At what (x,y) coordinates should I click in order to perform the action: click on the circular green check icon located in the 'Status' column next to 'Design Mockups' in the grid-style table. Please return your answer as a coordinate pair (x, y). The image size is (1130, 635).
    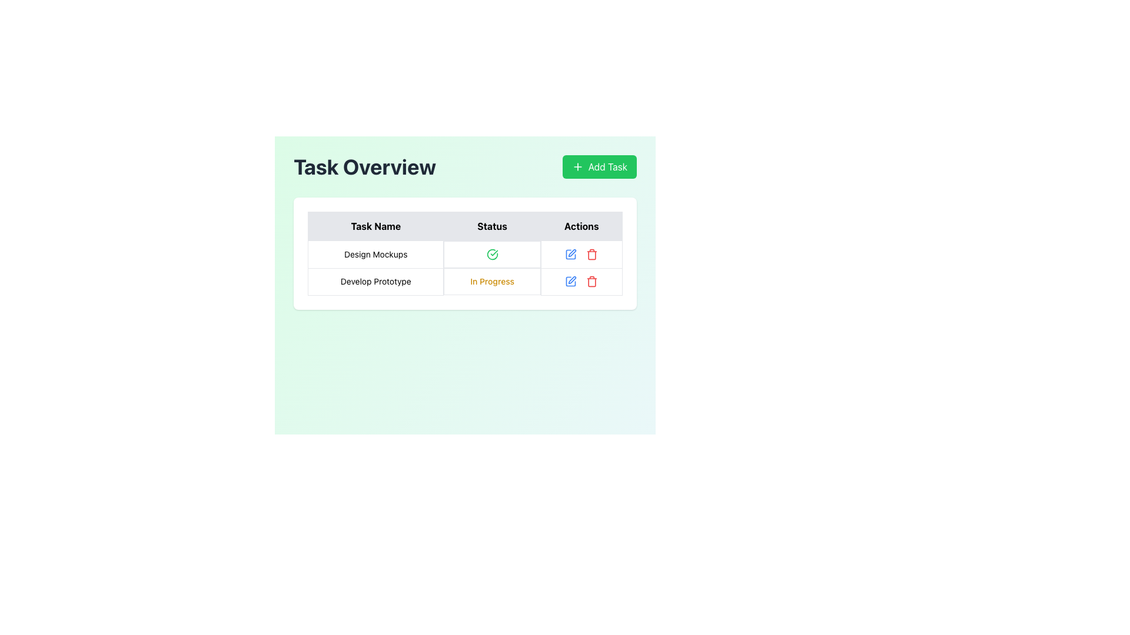
    Looking at the image, I should click on (492, 253).